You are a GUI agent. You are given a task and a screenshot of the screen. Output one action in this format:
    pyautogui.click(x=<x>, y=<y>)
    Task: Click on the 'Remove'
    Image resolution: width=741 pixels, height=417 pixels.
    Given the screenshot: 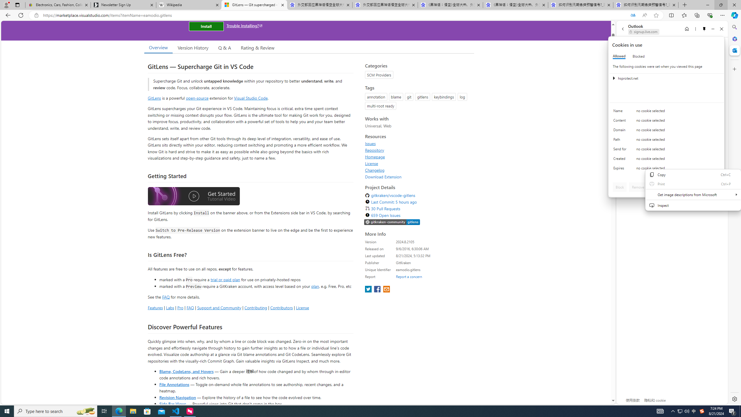 What is the action you would take?
    pyautogui.click(x=638, y=187)
    